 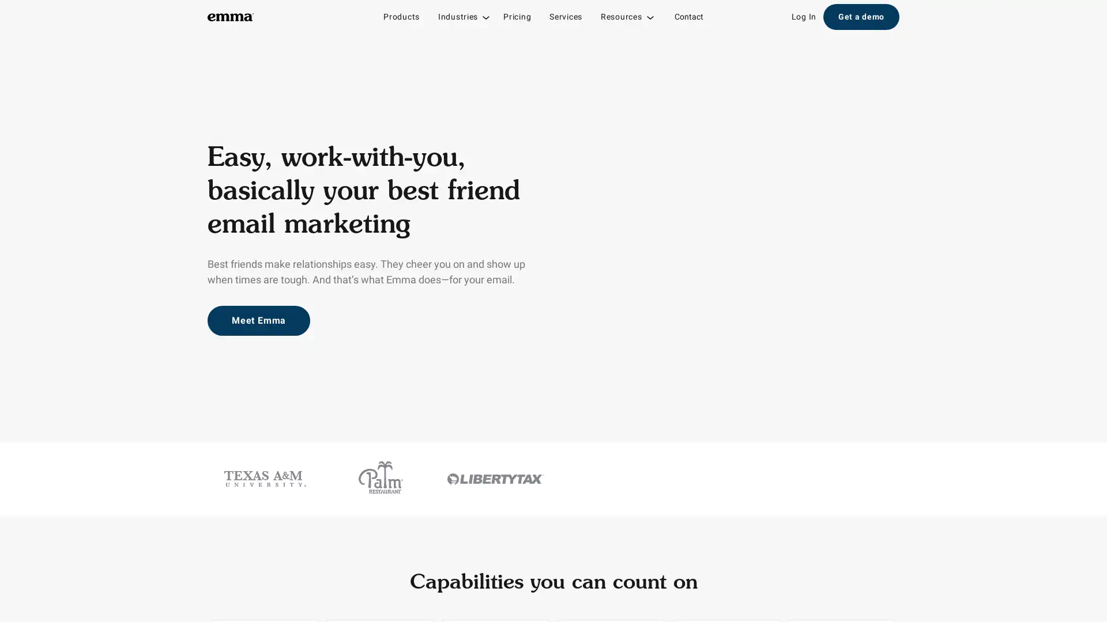 What do you see at coordinates (685, 17) in the screenshot?
I see `Contact` at bounding box center [685, 17].